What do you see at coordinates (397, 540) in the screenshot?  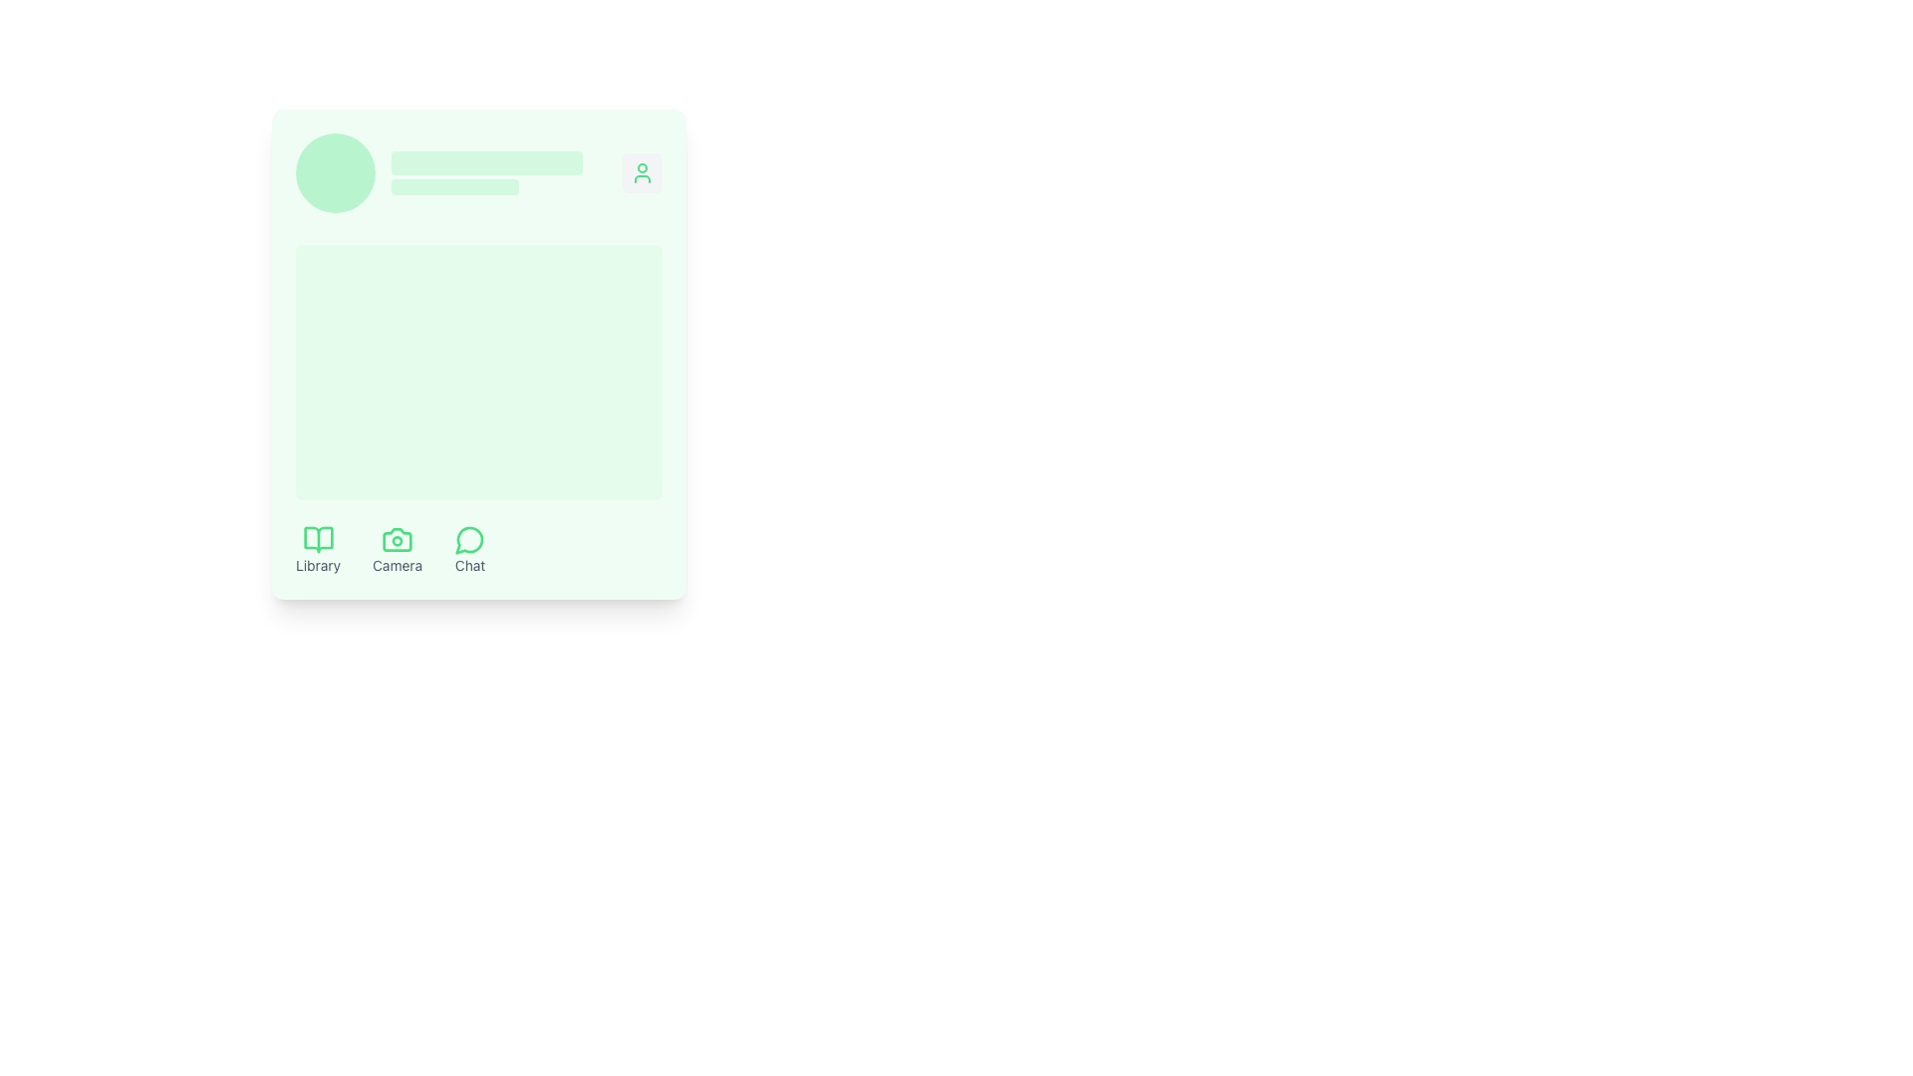 I see `the 'Camera' icon located at the bottom of the interface, which is positioned between the 'Library' and 'Chat' icons` at bounding box center [397, 540].